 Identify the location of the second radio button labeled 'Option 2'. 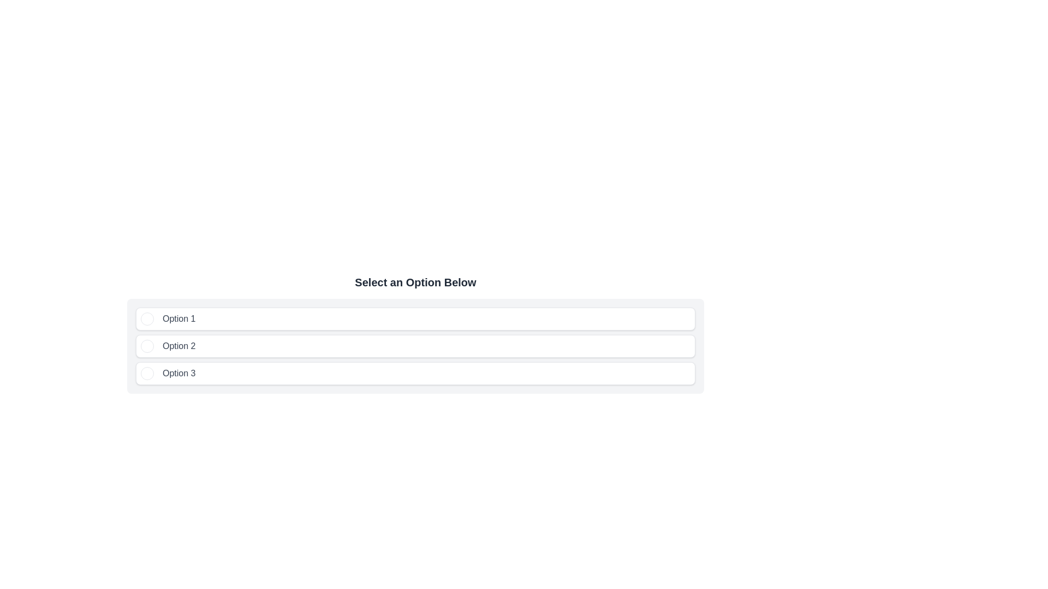
(415, 346).